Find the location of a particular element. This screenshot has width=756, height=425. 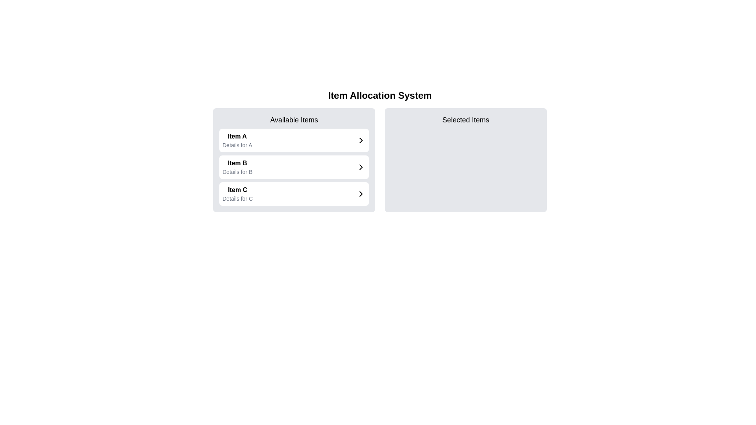

the second item is located at coordinates (294, 166).